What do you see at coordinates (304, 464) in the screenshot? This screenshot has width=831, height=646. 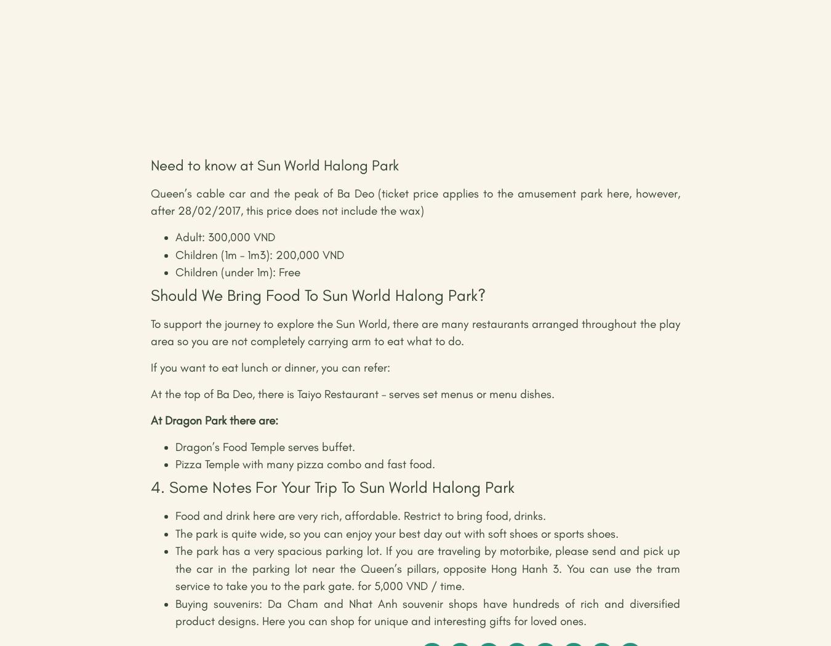 I see `'Pizza Temple with many pizza combo and fast food.'` at bounding box center [304, 464].